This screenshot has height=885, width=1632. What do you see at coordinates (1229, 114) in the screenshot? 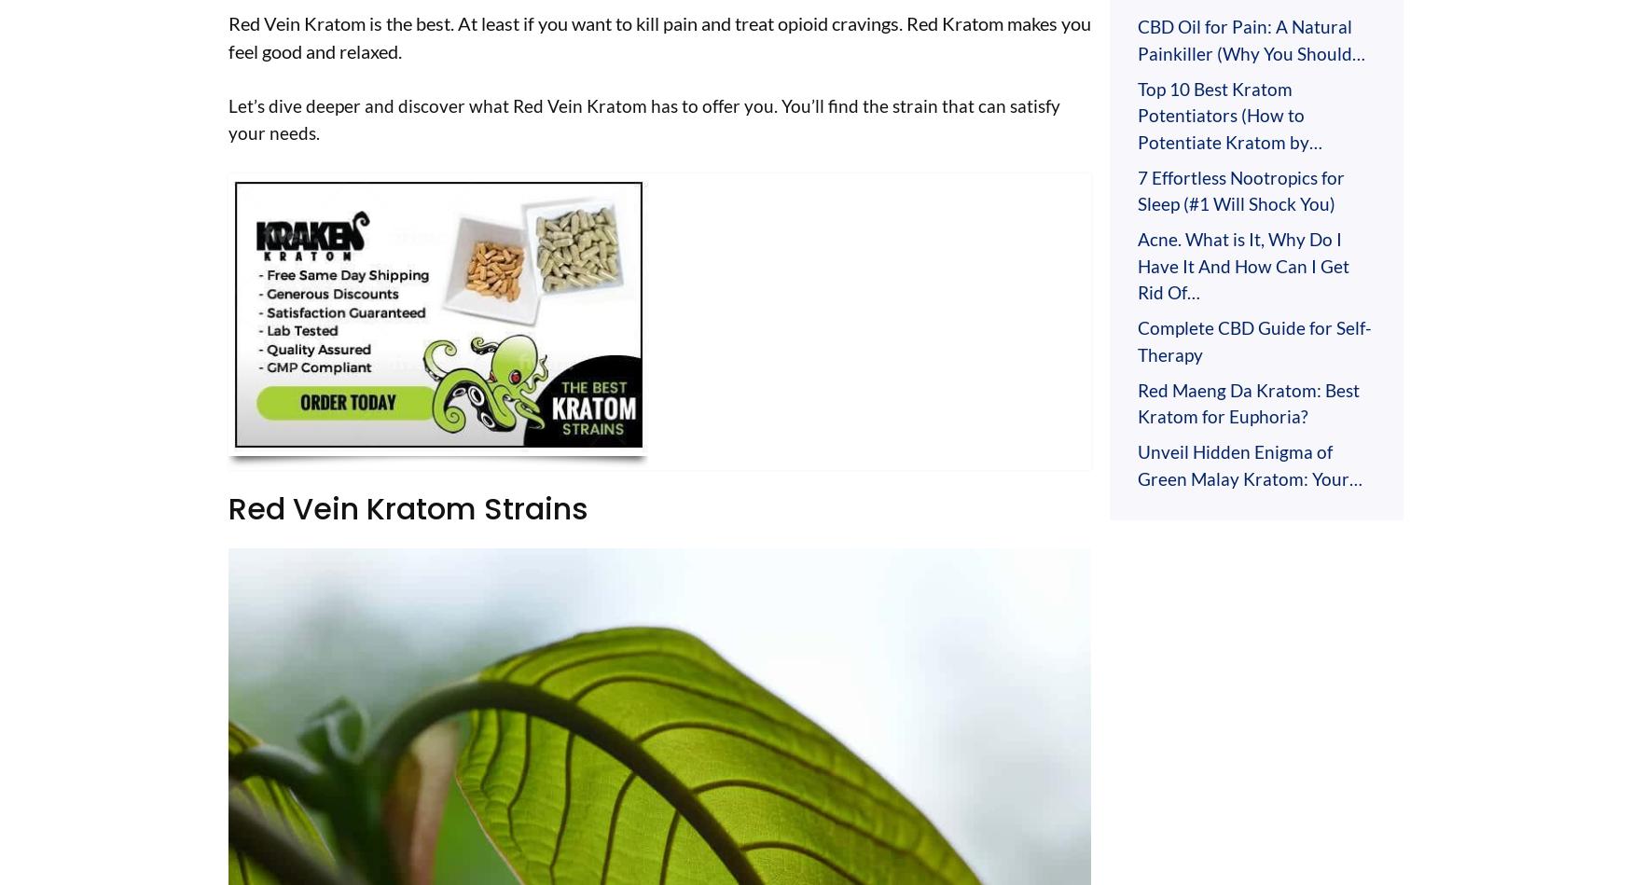
I see `'Top 10 Best Kratom Potentiators (How to Potentiate Kratom by…'` at bounding box center [1229, 114].